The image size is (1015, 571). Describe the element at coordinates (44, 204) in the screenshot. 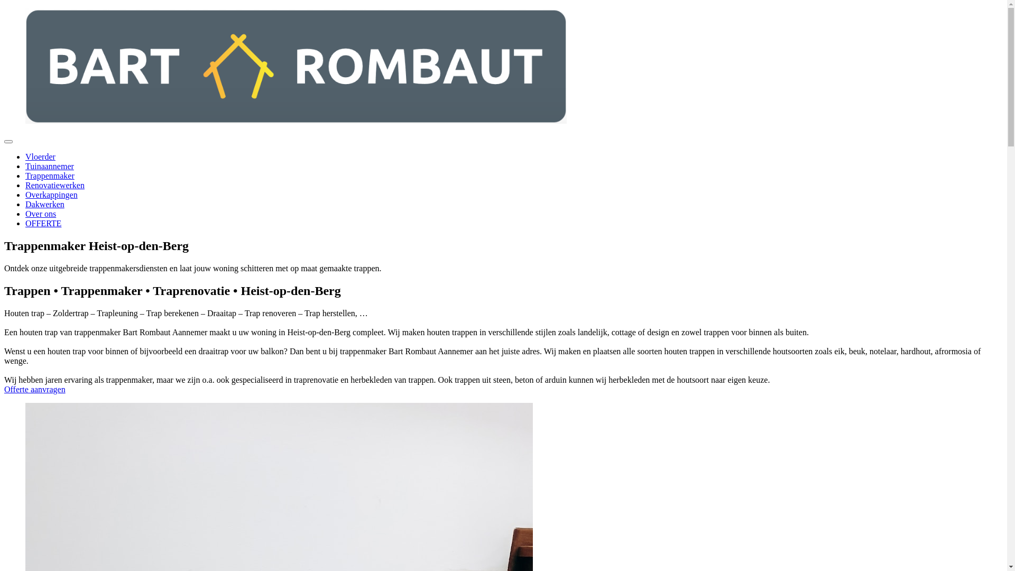

I see `'Dakwerken'` at that location.